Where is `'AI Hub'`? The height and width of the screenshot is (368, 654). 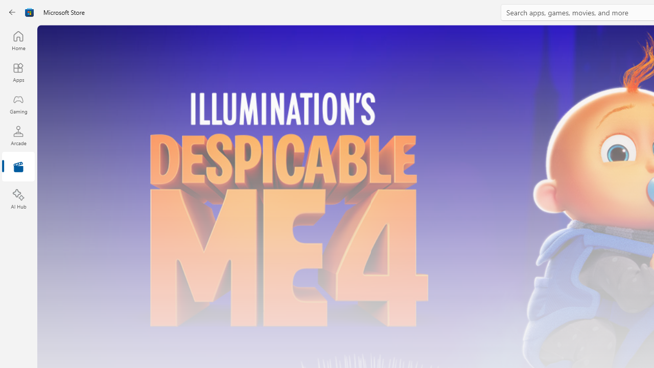 'AI Hub' is located at coordinates (18, 199).